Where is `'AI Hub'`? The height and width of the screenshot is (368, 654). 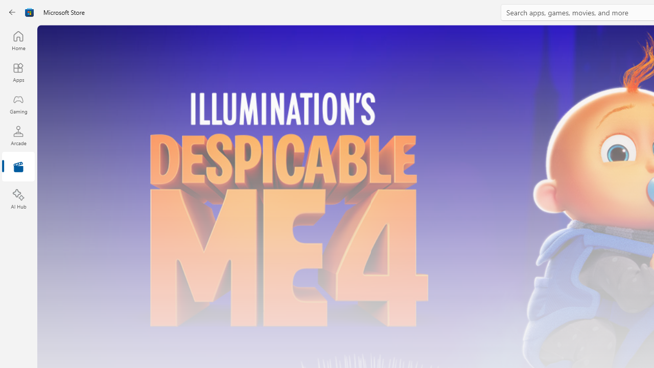 'AI Hub' is located at coordinates (18, 199).